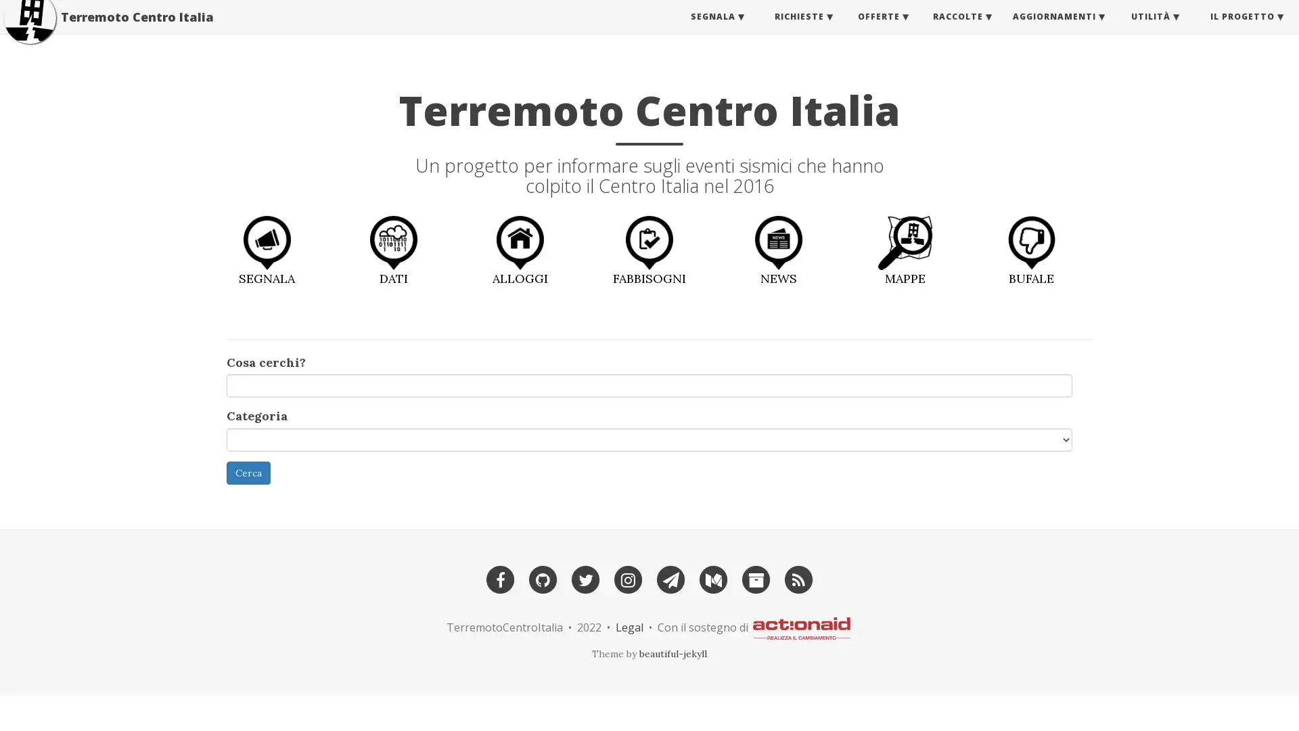  What do you see at coordinates (248, 472) in the screenshot?
I see `Cerca` at bounding box center [248, 472].